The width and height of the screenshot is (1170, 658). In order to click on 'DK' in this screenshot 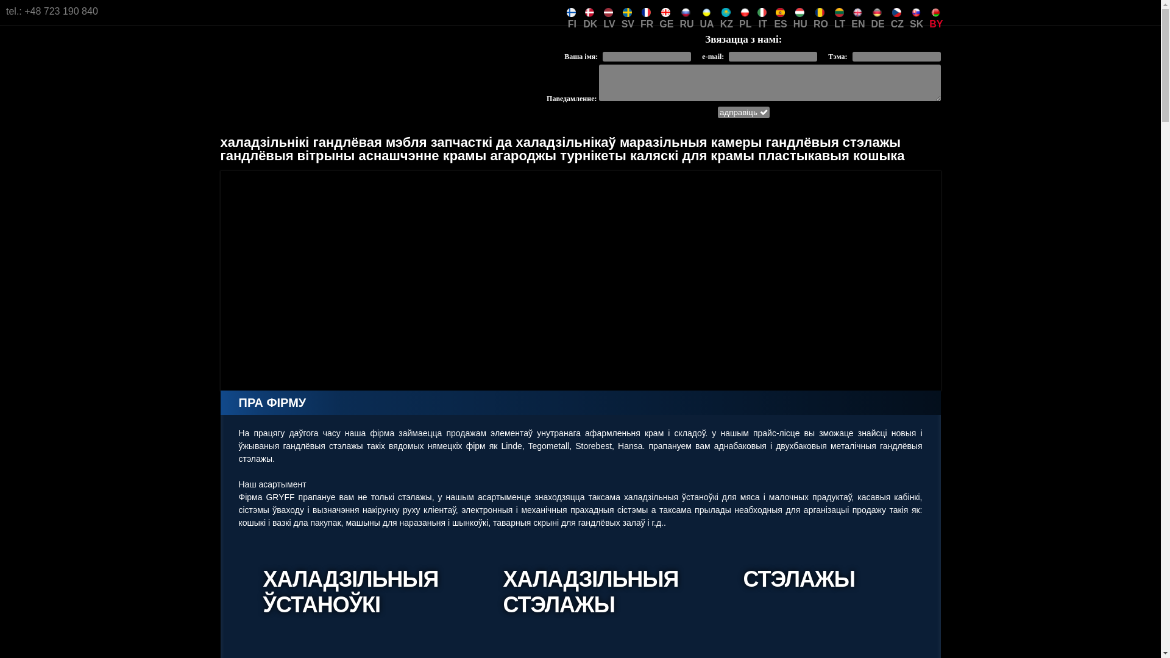, I will do `click(590, 12)`.